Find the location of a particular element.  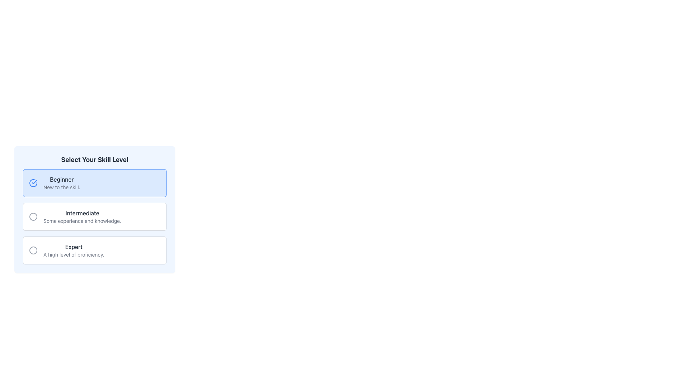

the label that reads 'Some experience and knowledge.' which is styled in a smaller font size and light gray color, located directly beneath the 'Intermediate' skill level option is located at coordinates (82, 221).